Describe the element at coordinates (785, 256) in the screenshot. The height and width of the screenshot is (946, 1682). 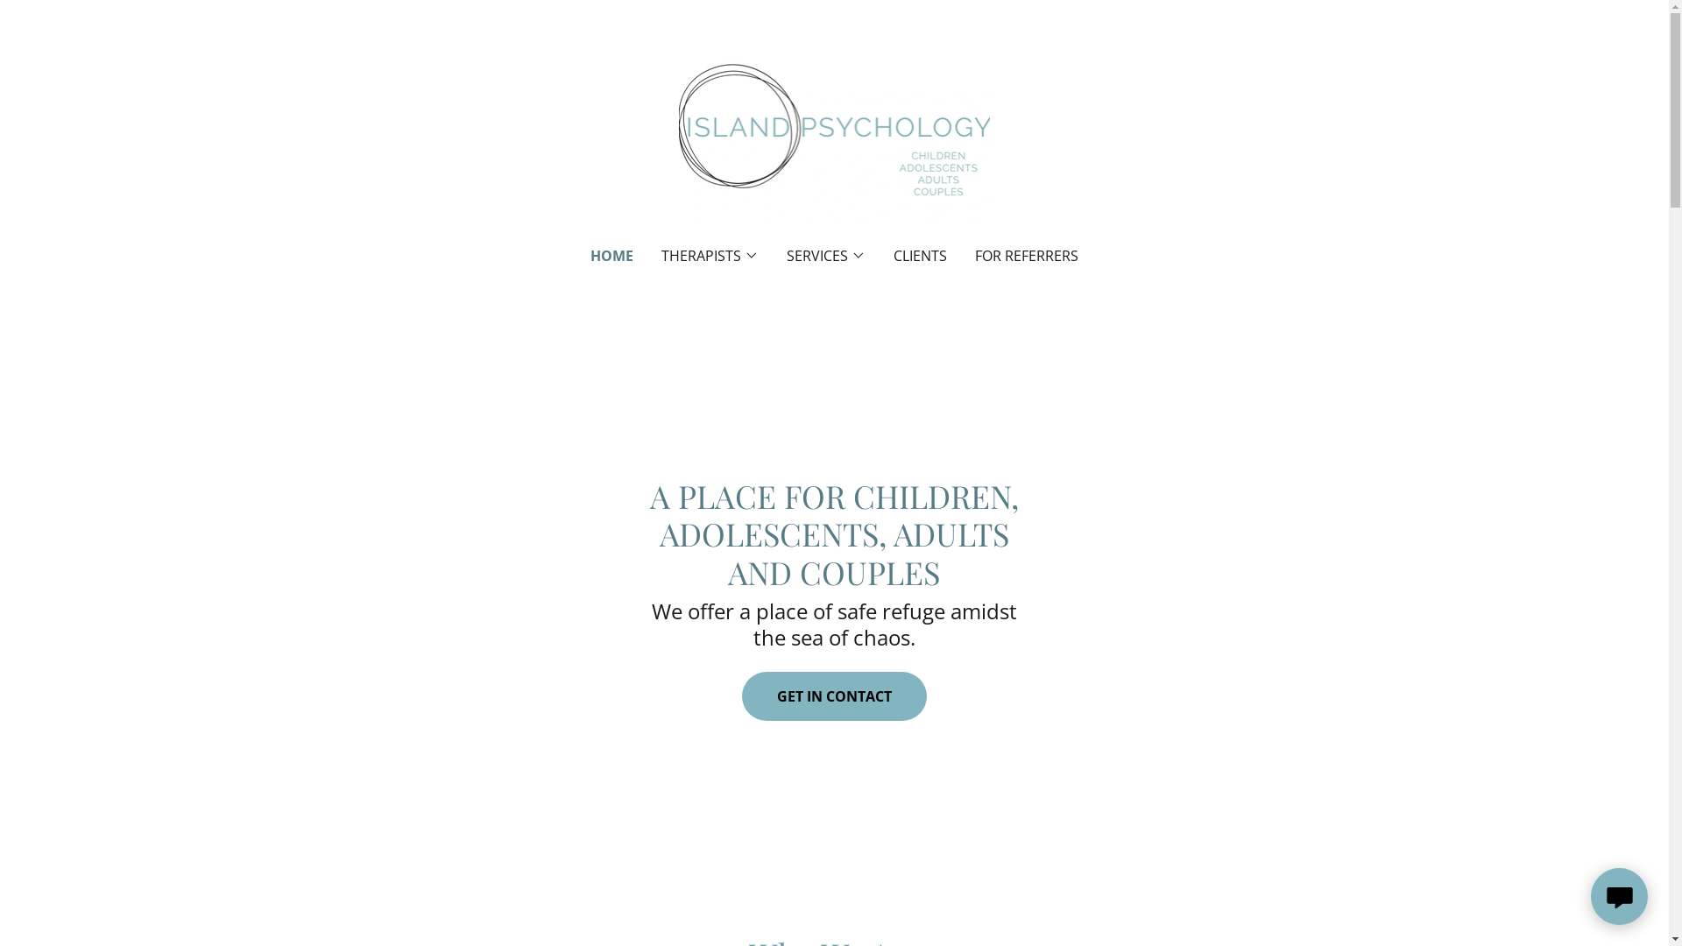
I see `'SERVICES'` at that location.